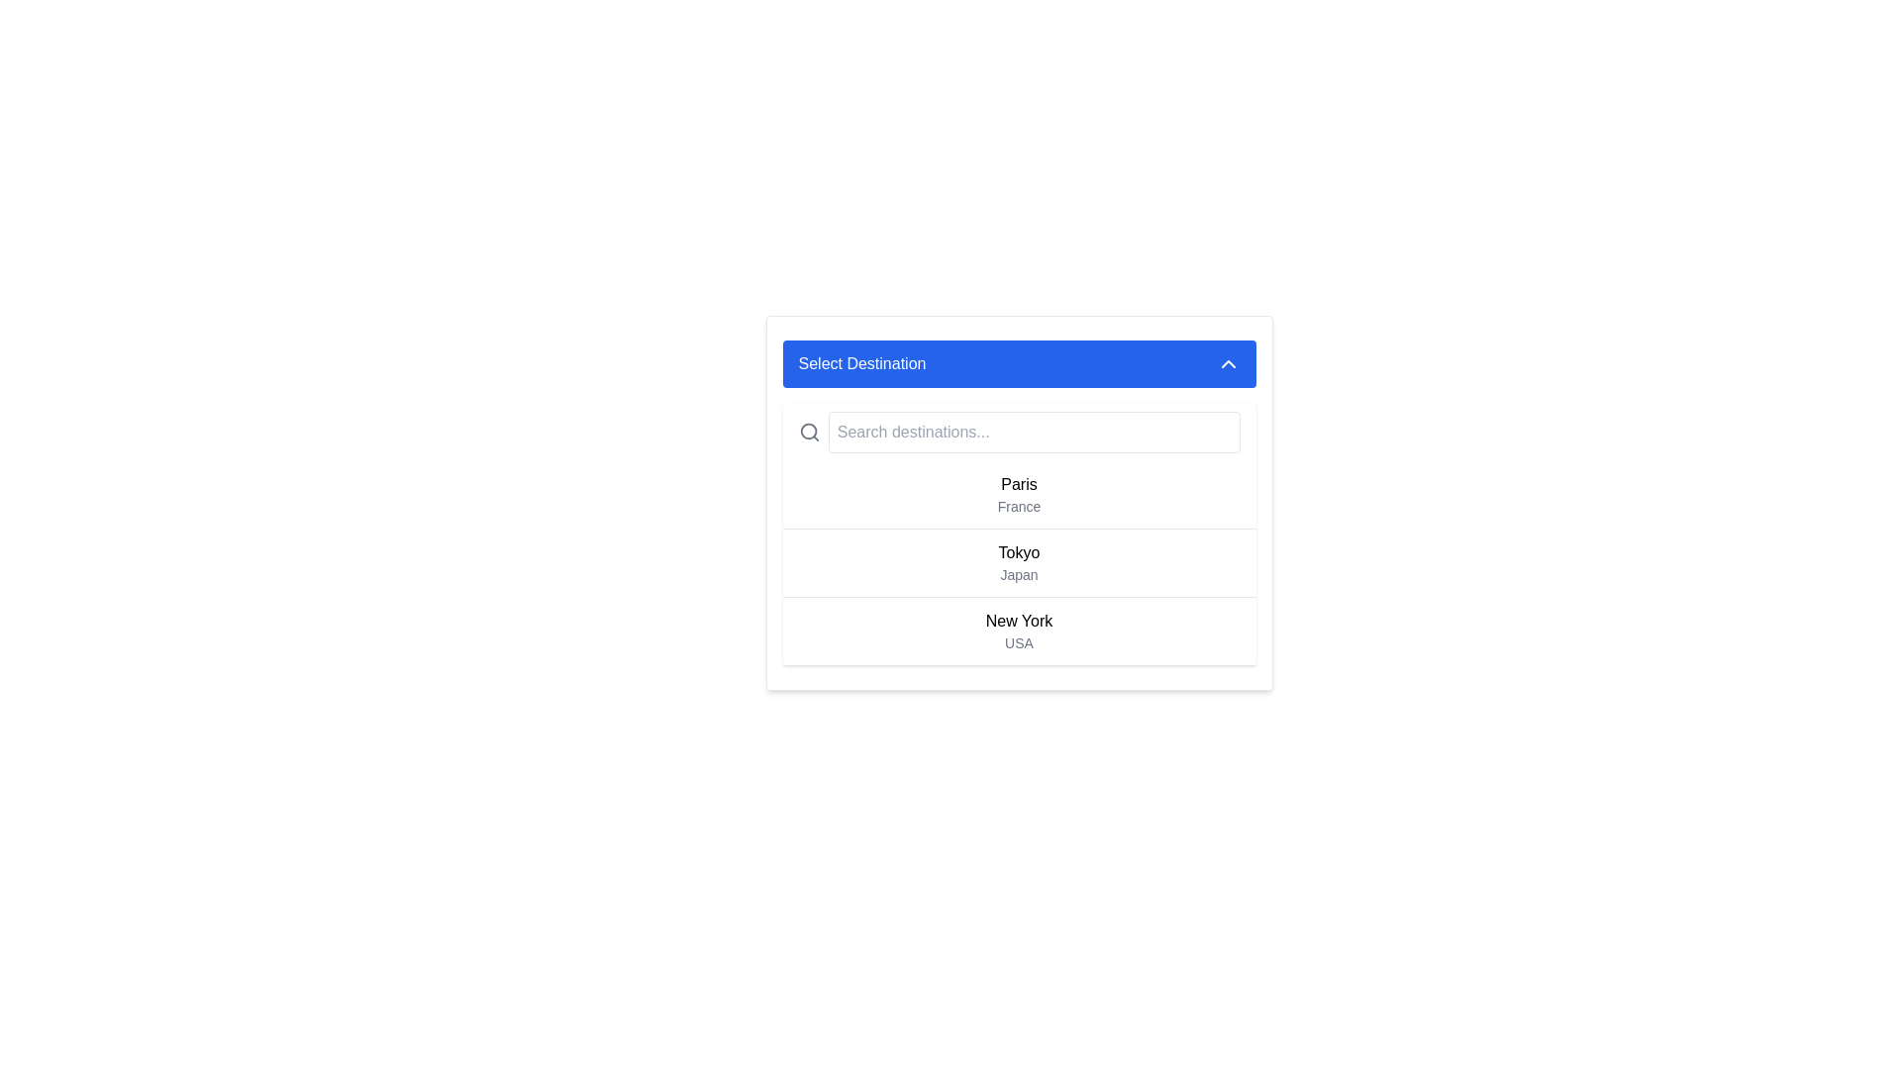  Describe the element at coordinates (809, 431) in the screenshot. I see `the gray magnifying glass icon representing the search function, located to the left of the 'Search destinations...' input field, to interact with it` at that location.